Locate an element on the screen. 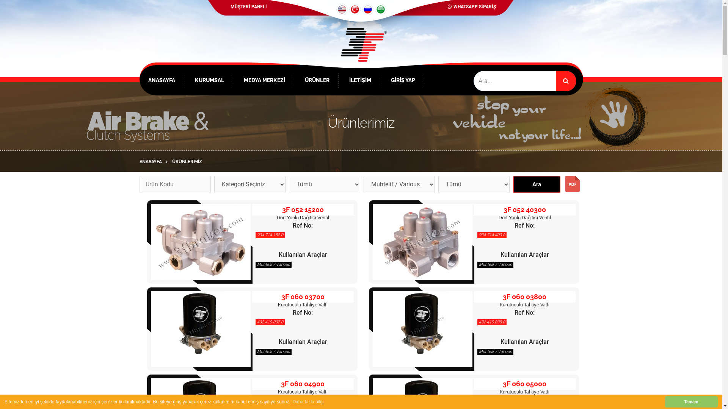 The image size is (728, 409). 'ANASAYFA' is located at coordinates (155, 161).